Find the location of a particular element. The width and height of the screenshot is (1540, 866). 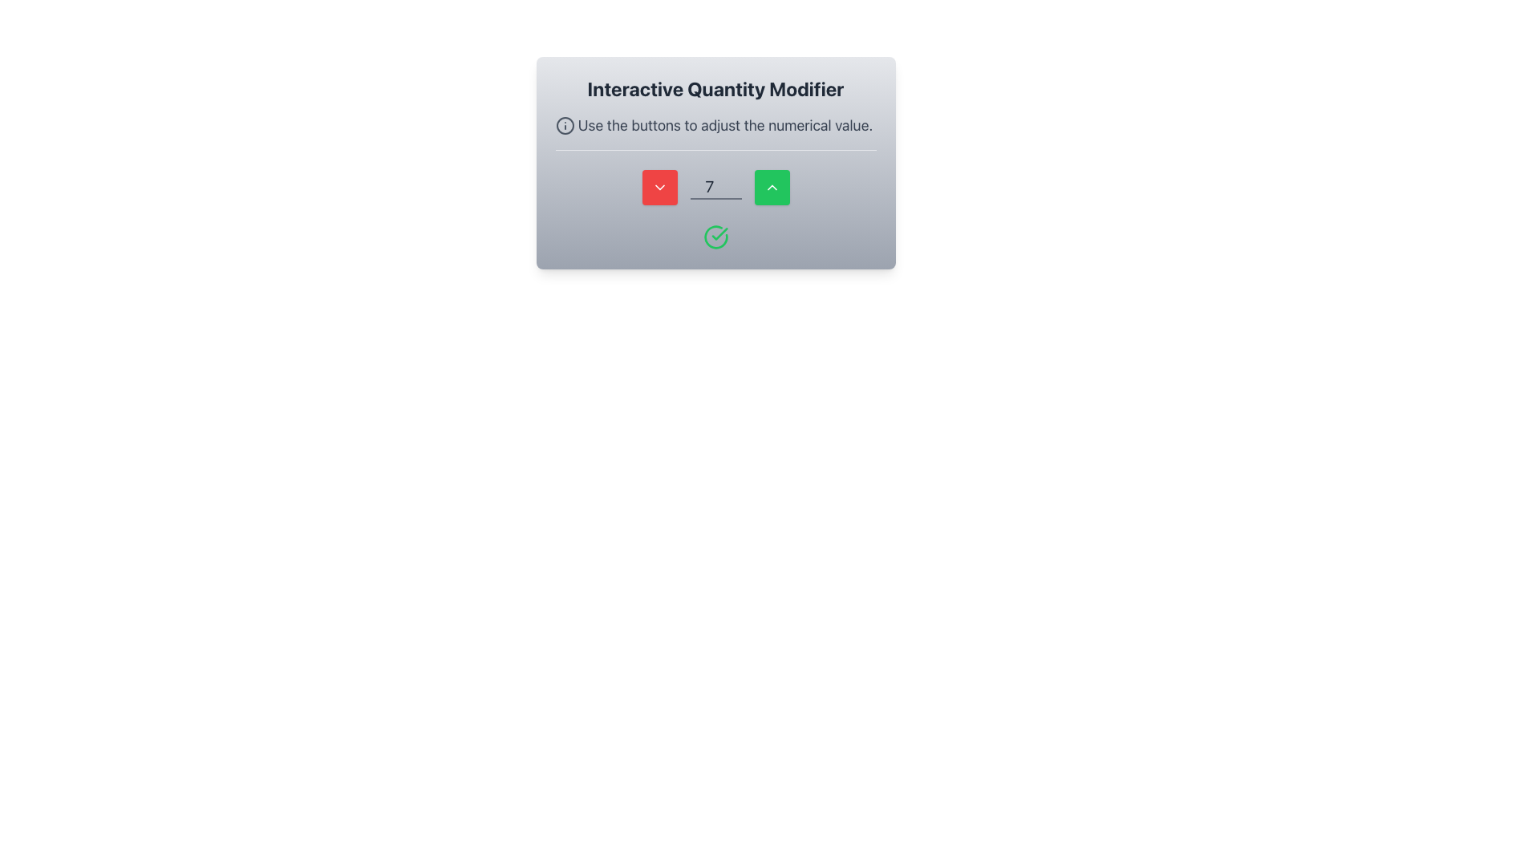

the green increment button with an up arrow located within the Composite component that contains a numerical input field displaying the number '7' is located at coordinates (715, 187).